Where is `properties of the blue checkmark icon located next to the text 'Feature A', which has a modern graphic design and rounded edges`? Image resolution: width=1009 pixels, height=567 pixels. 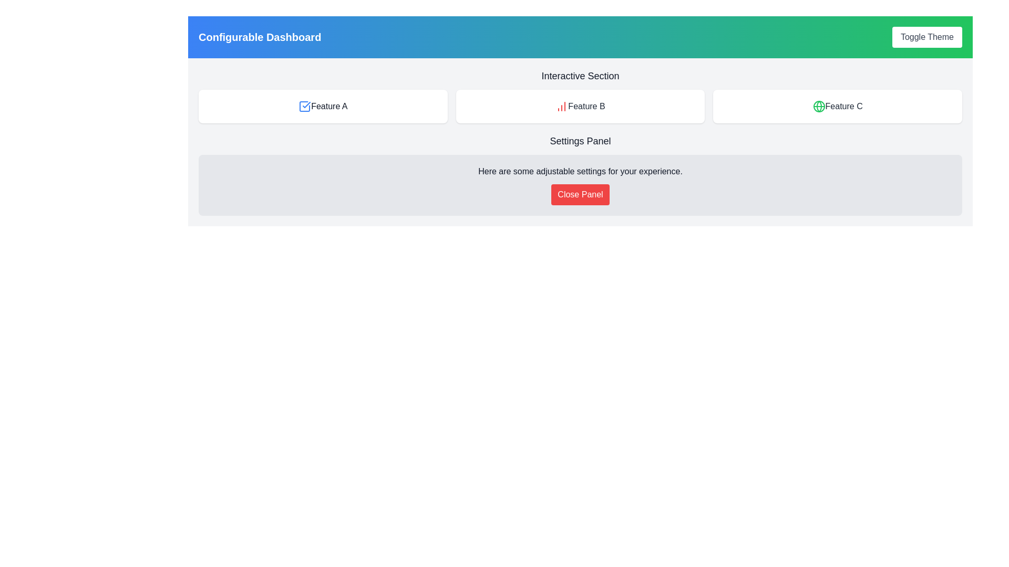
properties of the blue checkmark icon located next to the text 'Feature A', which has a modern graphic design and rounded edges is located at coordinates (304, 107).